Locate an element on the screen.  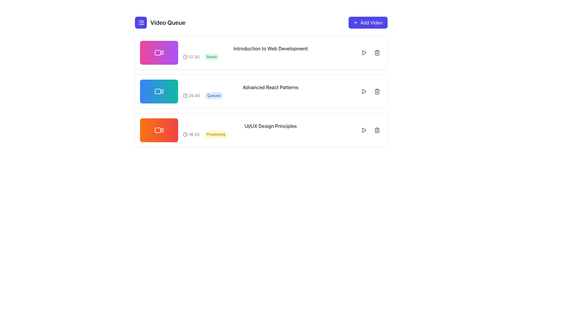
the triangular play icon button located at the far right of the third list item row, between the 'UI/UX Design Principles' label and the trash can icon is located at coordinates (363, 130).